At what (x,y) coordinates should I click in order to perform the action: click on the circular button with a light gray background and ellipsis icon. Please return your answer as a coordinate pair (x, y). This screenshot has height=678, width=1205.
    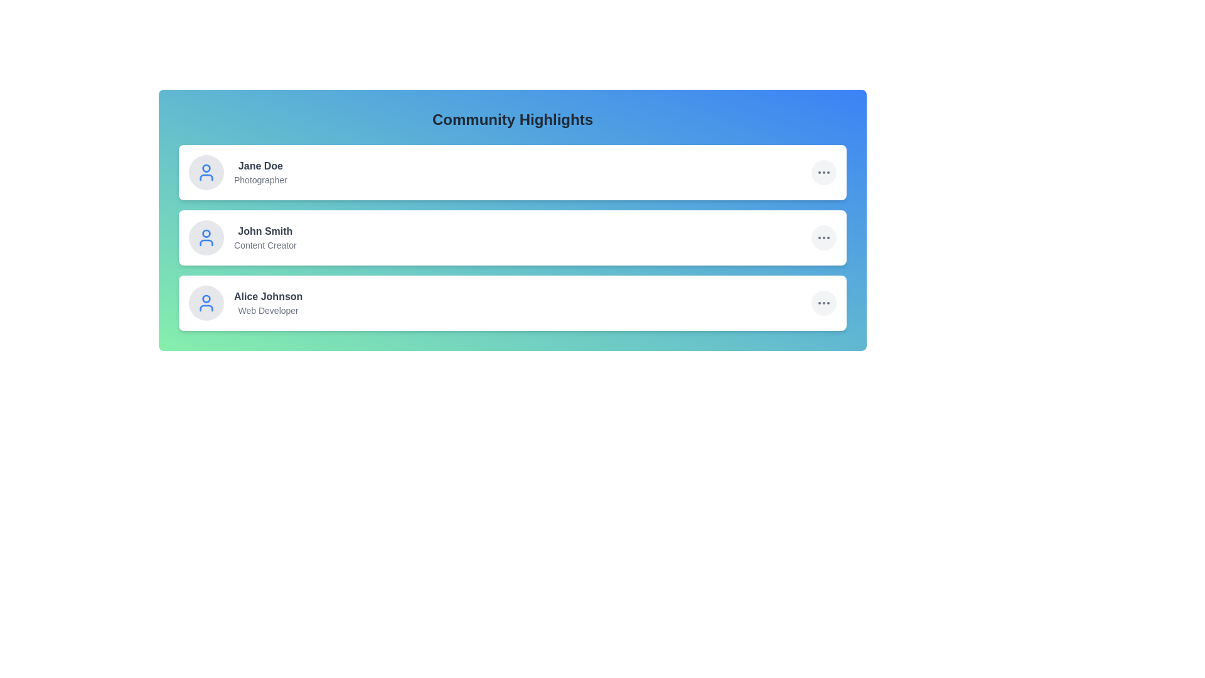
    Looking at the image, I should click on (824, 303).